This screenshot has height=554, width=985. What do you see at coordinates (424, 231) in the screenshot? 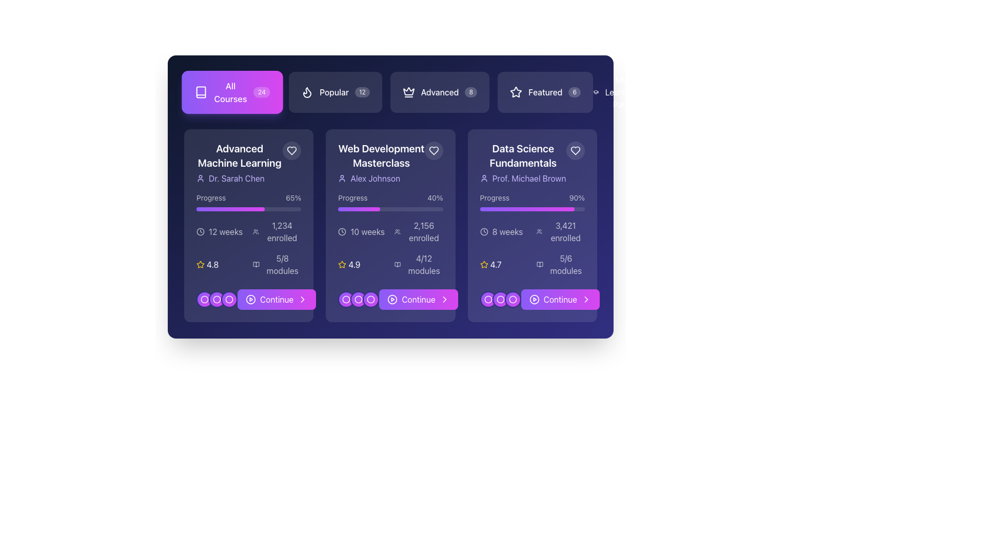
I see `the text label displaying '2,156 enrolled' located in the second card of the course list, positioned right of the duration information and above the course module count` at bounding box center [424, 231].